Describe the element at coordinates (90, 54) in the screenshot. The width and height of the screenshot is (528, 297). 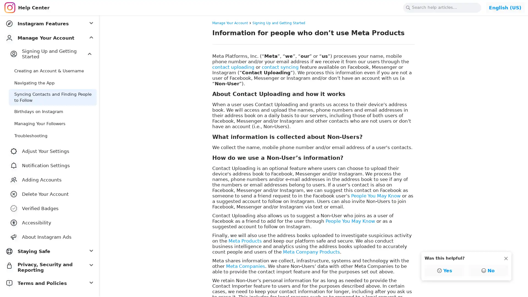
I see `Expand` at that location.